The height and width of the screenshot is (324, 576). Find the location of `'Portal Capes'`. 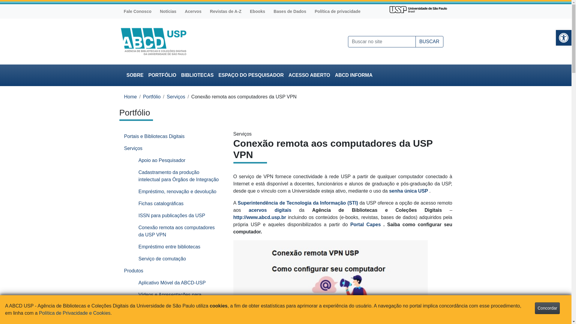

'Portal Capes' is located at coordinates (367, 224).